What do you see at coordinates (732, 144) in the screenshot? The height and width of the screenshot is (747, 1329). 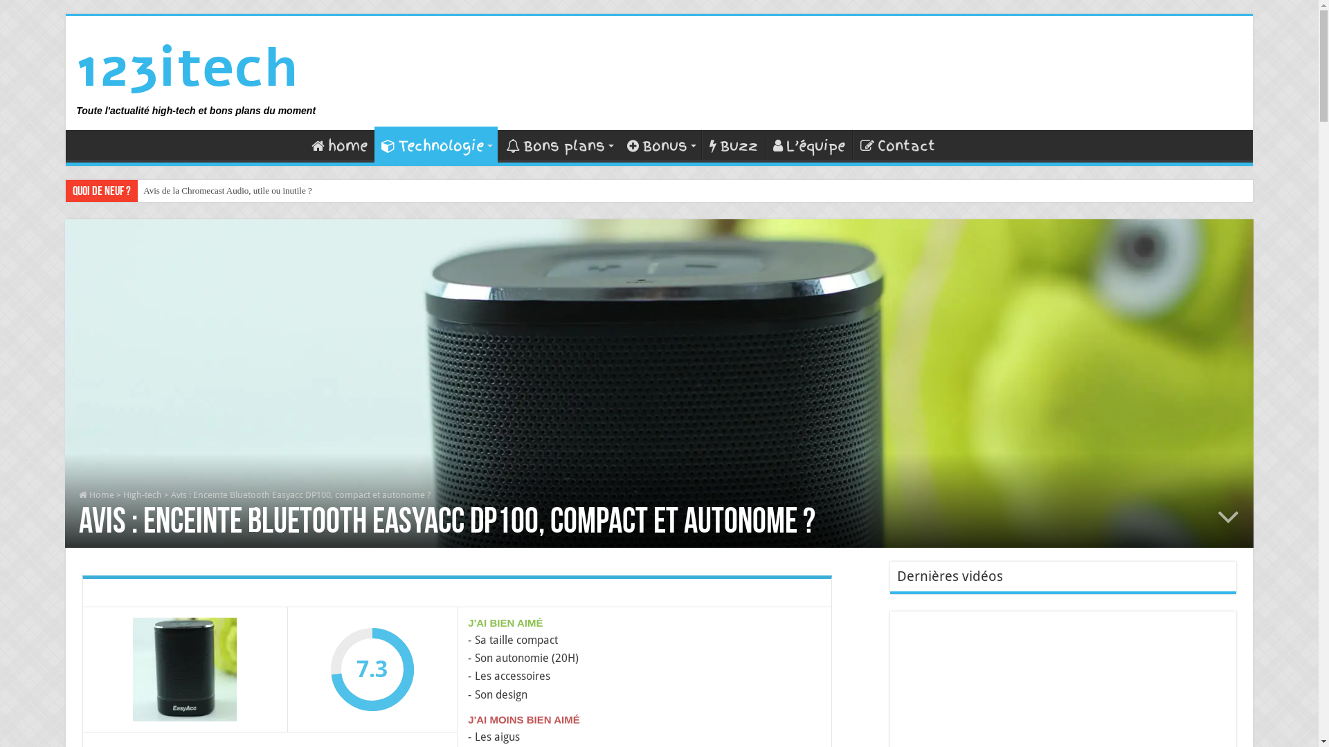 I see `'Buzz'` at bounding box center [732, 144].